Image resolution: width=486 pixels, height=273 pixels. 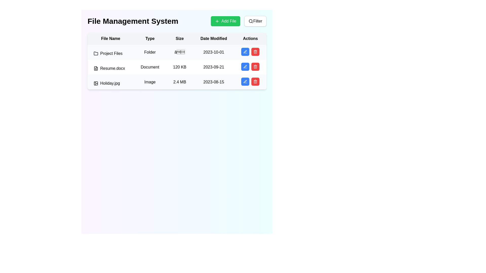 I want to click on the Text label that indicates no size information is available for the 'Project Files' folder, located in the 'Size' column of the grid table, first row, so click(x=180, y=52).